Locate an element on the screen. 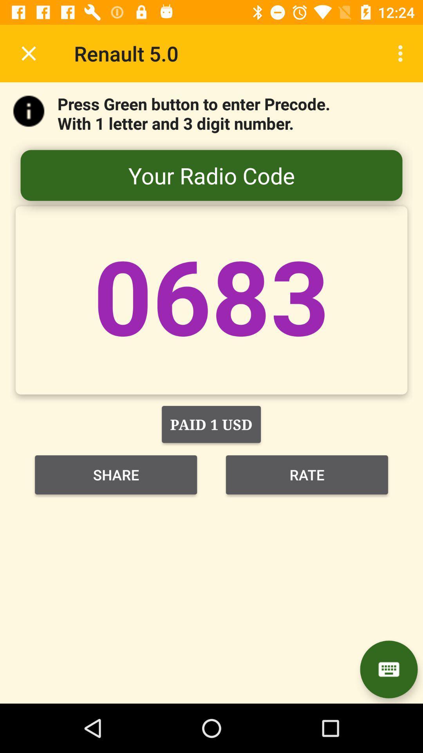  item next to the renault 5.0 is located at coordinates (28, 53).